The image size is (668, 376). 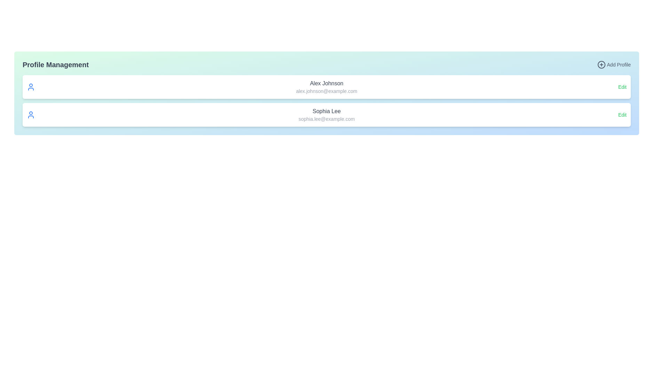 What do you see at coordinates (326, 83) in the screenshot?
I see `the text label displaying 'Alex Johnson', which is positioned at the top of the profile details section above the email address` at bounding box center [326, 83].